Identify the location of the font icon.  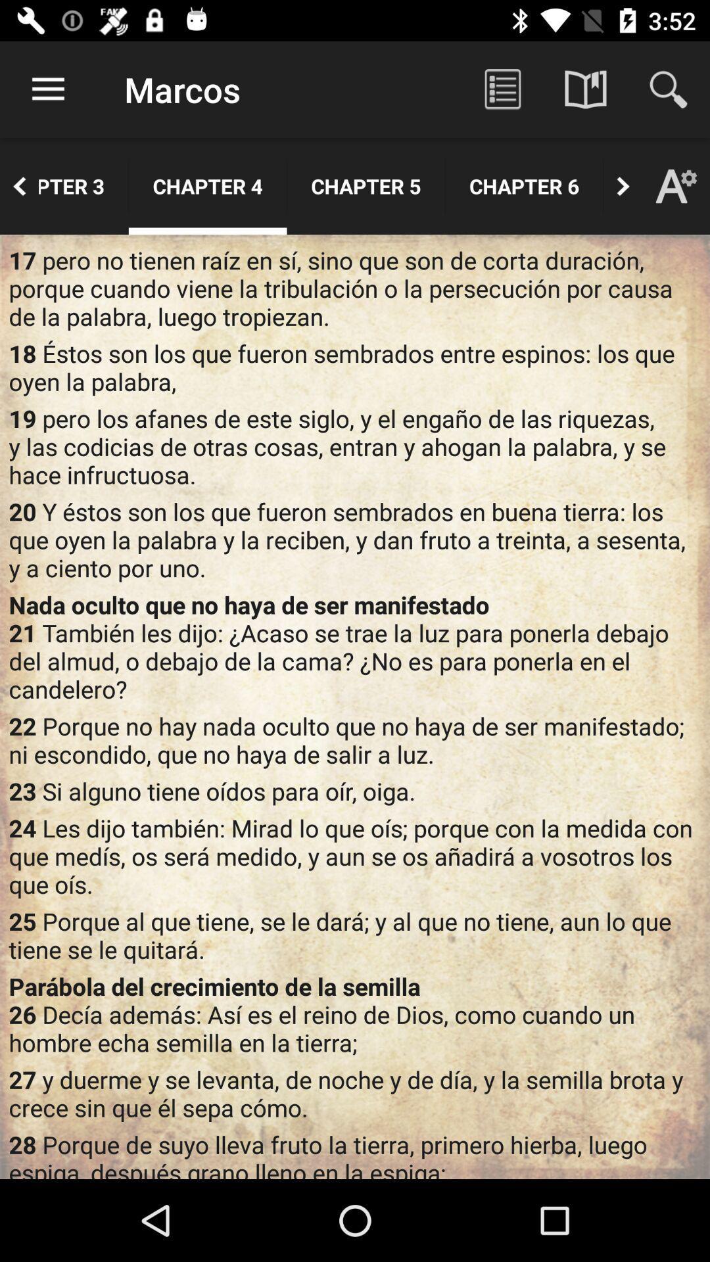
(676, 185).